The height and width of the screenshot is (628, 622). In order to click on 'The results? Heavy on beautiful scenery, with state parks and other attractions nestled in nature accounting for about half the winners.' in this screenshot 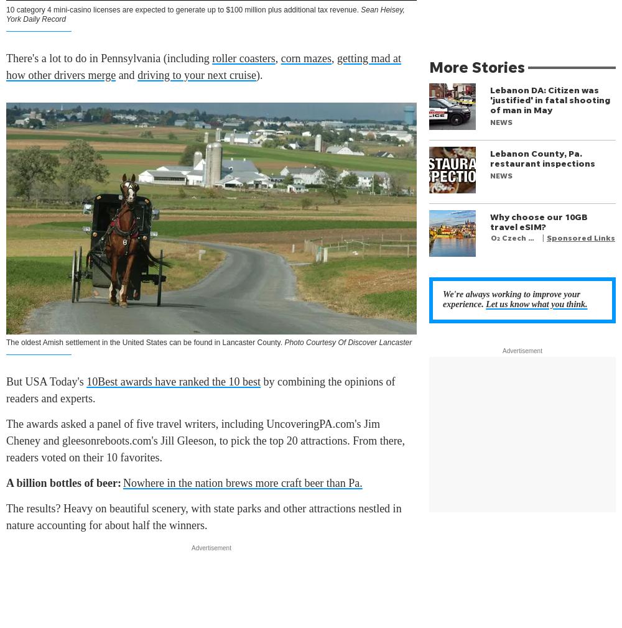, I will do `click(203, 517)`.